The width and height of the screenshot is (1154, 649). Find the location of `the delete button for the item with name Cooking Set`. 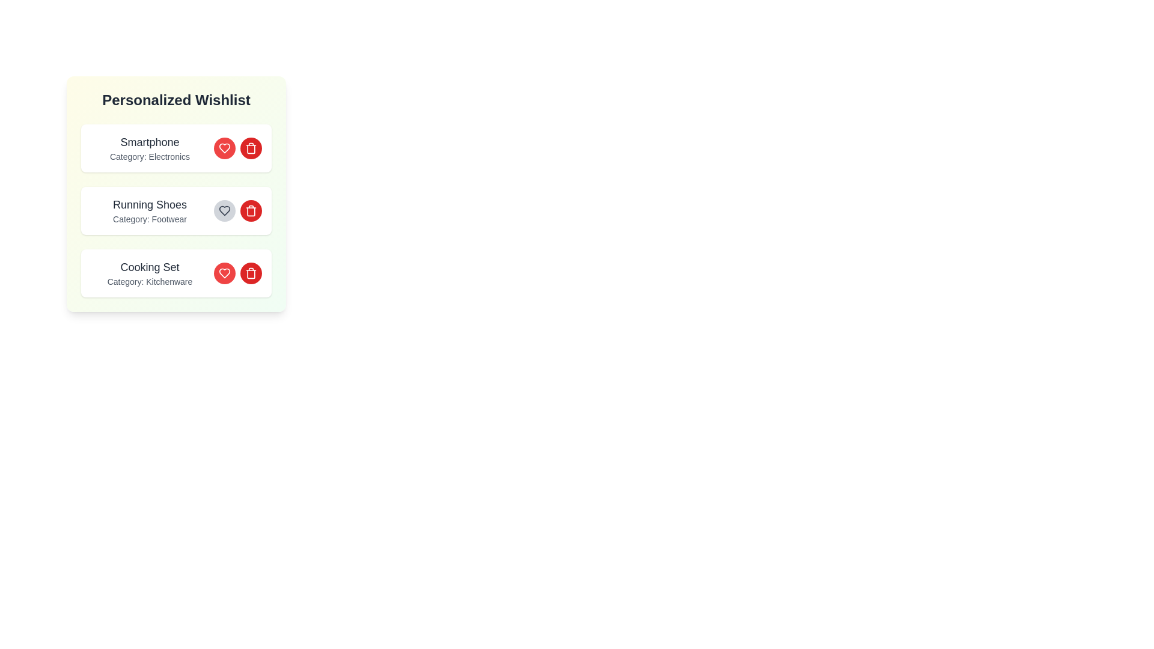

the delete button for the item with name Cooking Set is located at coordinates (250, 273).